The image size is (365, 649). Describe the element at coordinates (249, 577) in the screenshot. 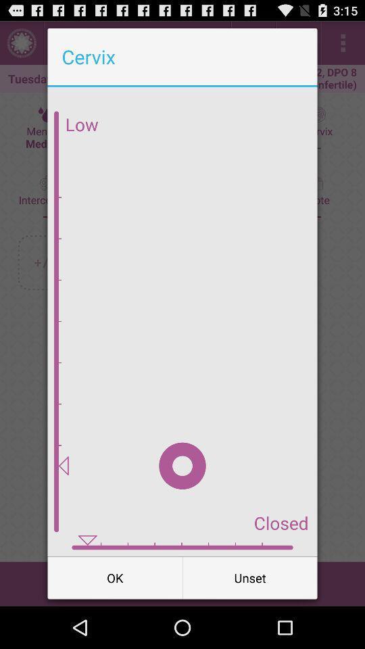

I see `the icon to the right of ok icon` at that location.